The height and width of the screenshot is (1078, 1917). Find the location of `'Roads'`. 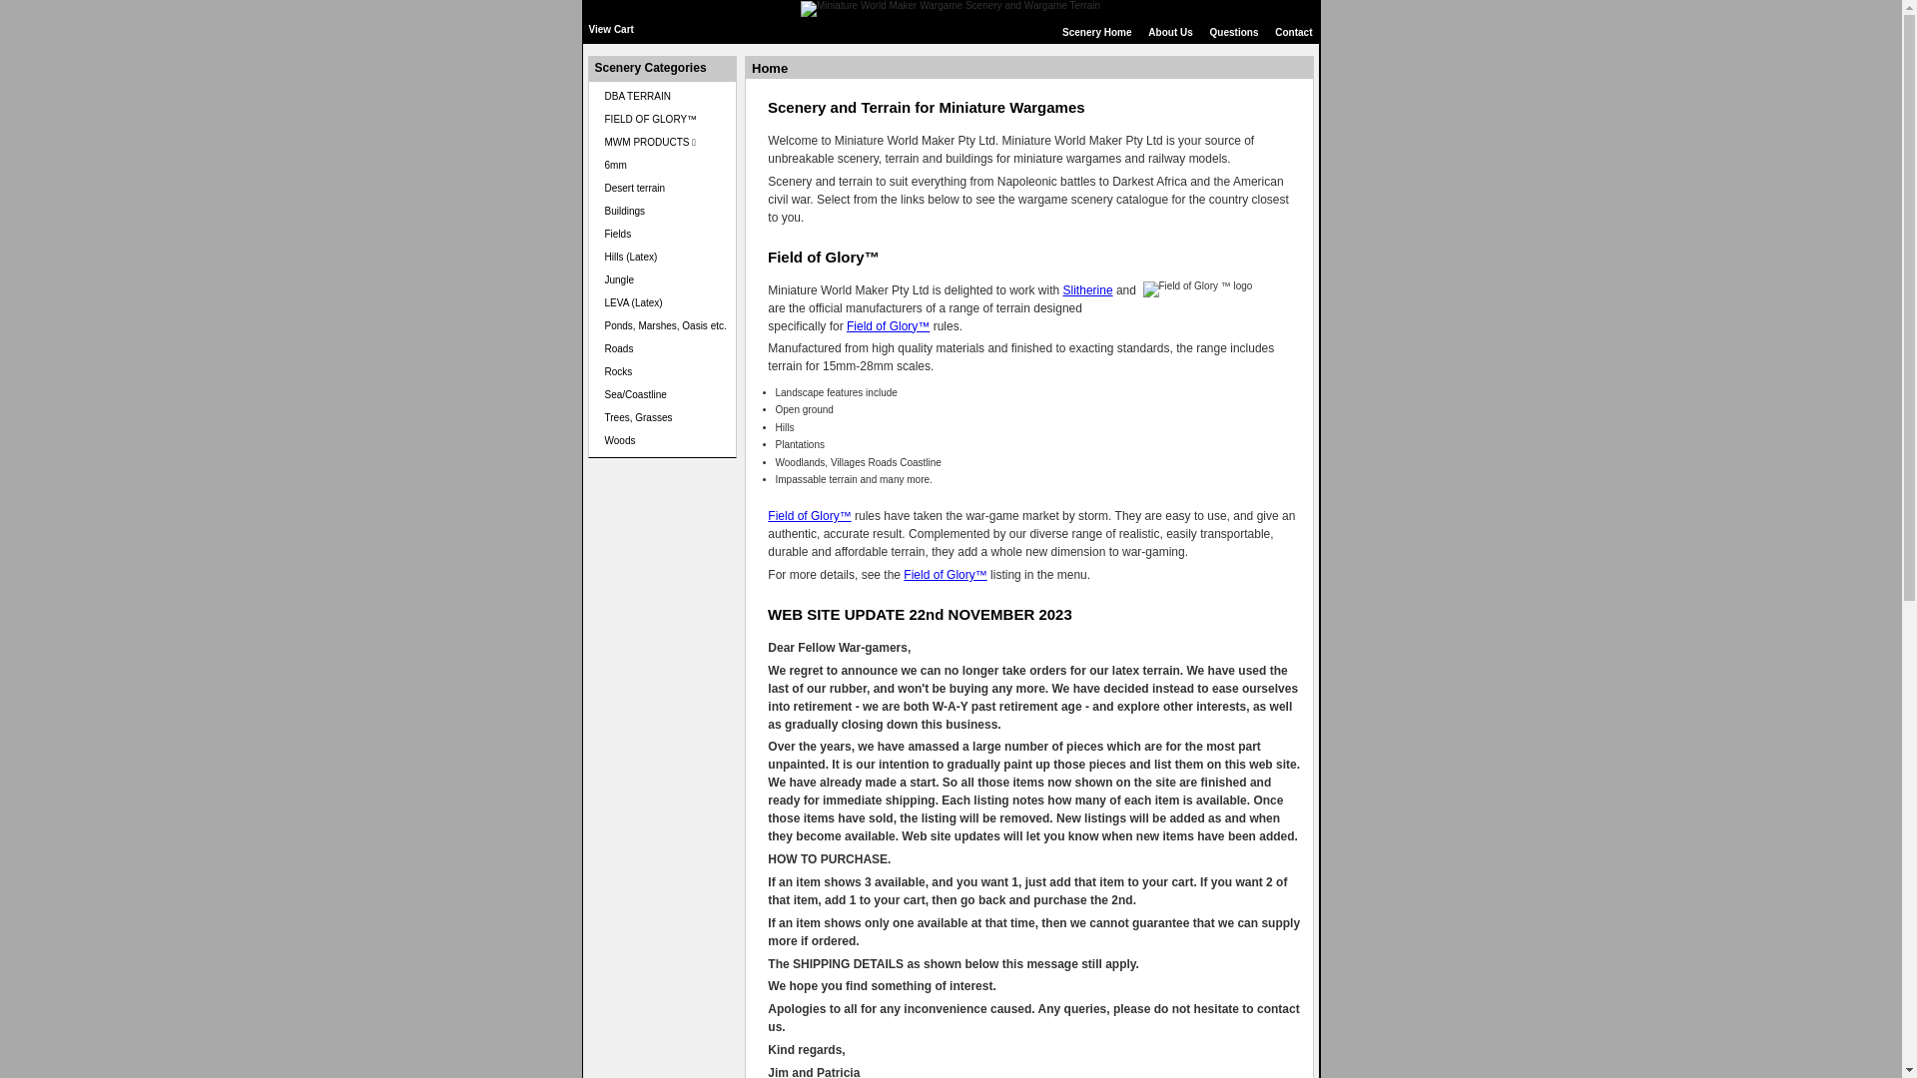

'Roads' is located at coordinates (618, 347).